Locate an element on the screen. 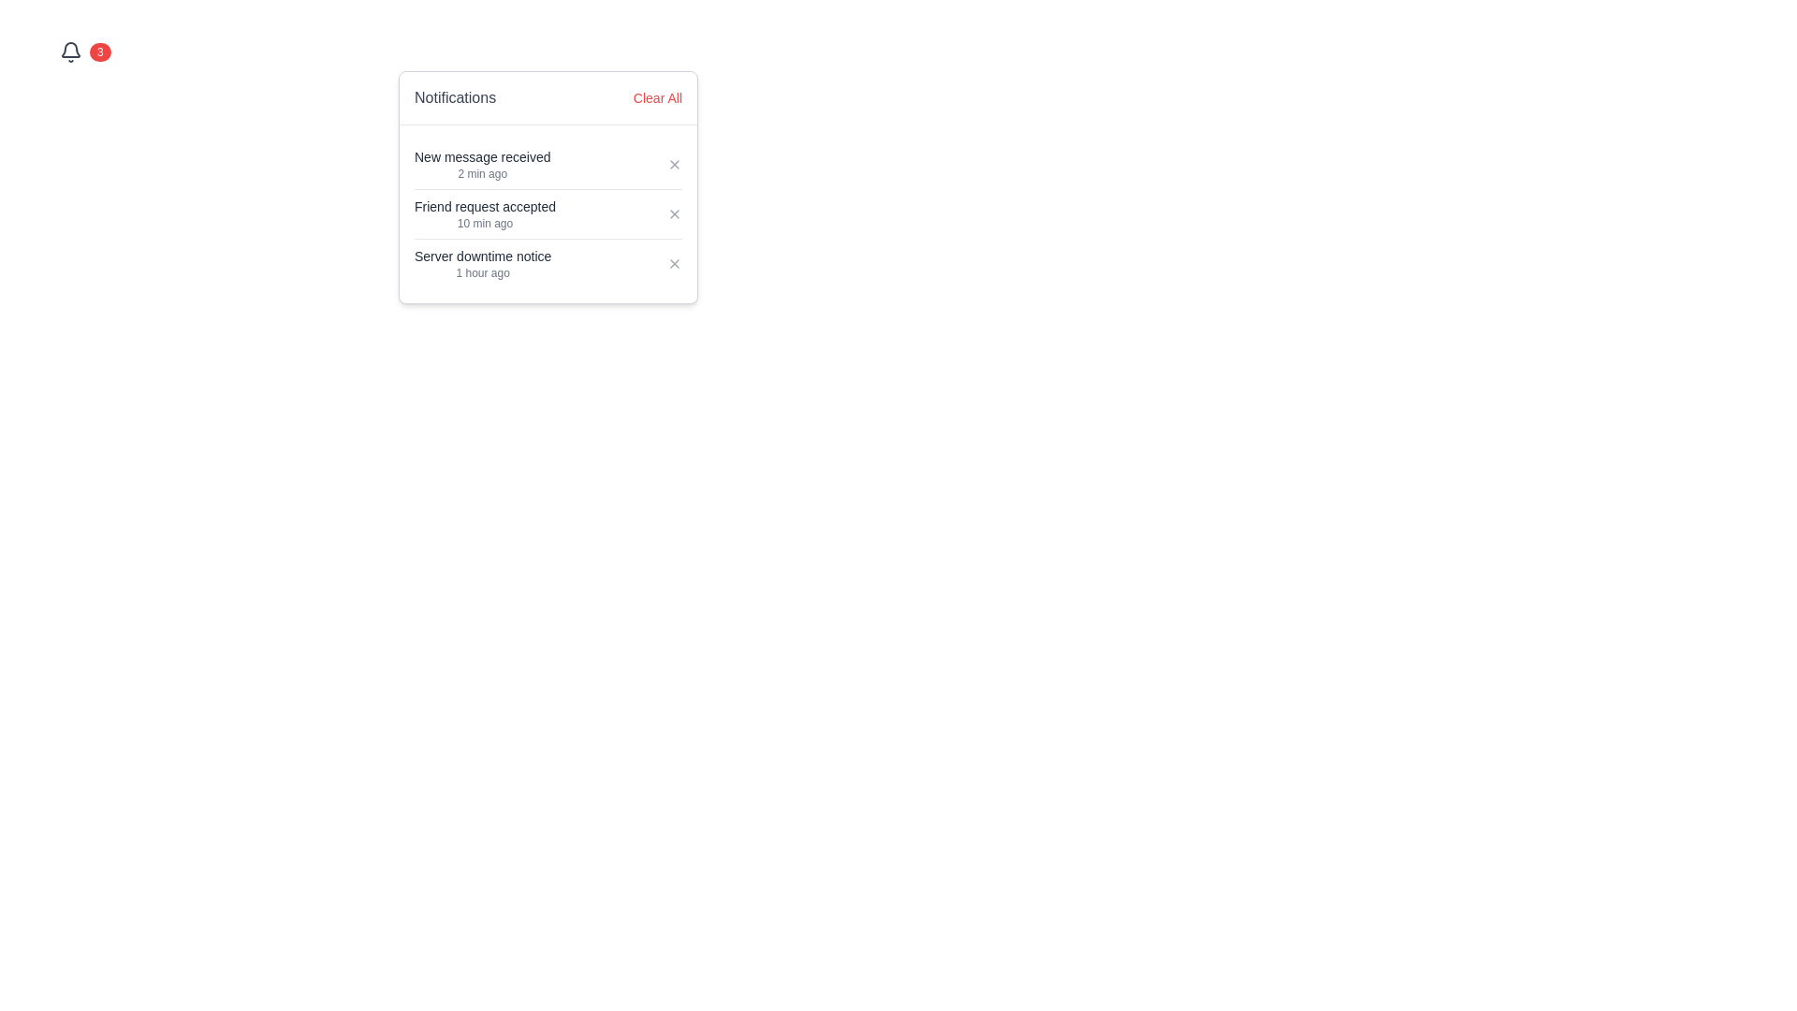 Image resolution: width=1797 pixels, height=1011 pixels. the notification bell icon, which is located to the left of the red badge displaying the number '3' in the header section is located at coordinates (71, 51).